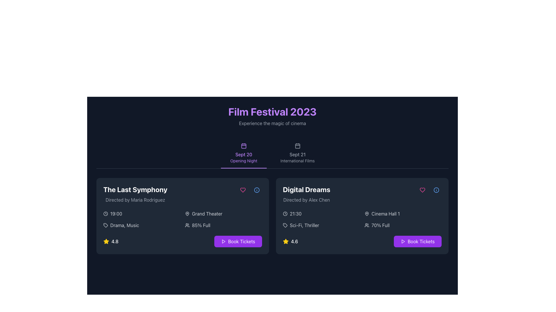  Describe the element at coordinates (105, 225) in the screenshot. I see `the tag icon located at the top right corner of the 'Digital Dreams' card, which signifies metadata or additional information` at that location.